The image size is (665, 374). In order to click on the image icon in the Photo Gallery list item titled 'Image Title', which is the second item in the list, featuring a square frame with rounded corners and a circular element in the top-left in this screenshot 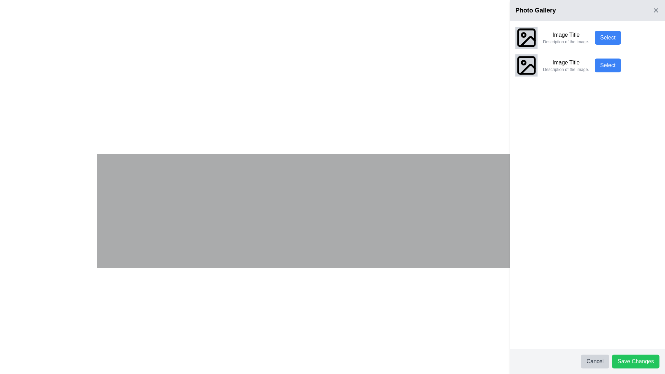, I will do `click(526, 65)`.